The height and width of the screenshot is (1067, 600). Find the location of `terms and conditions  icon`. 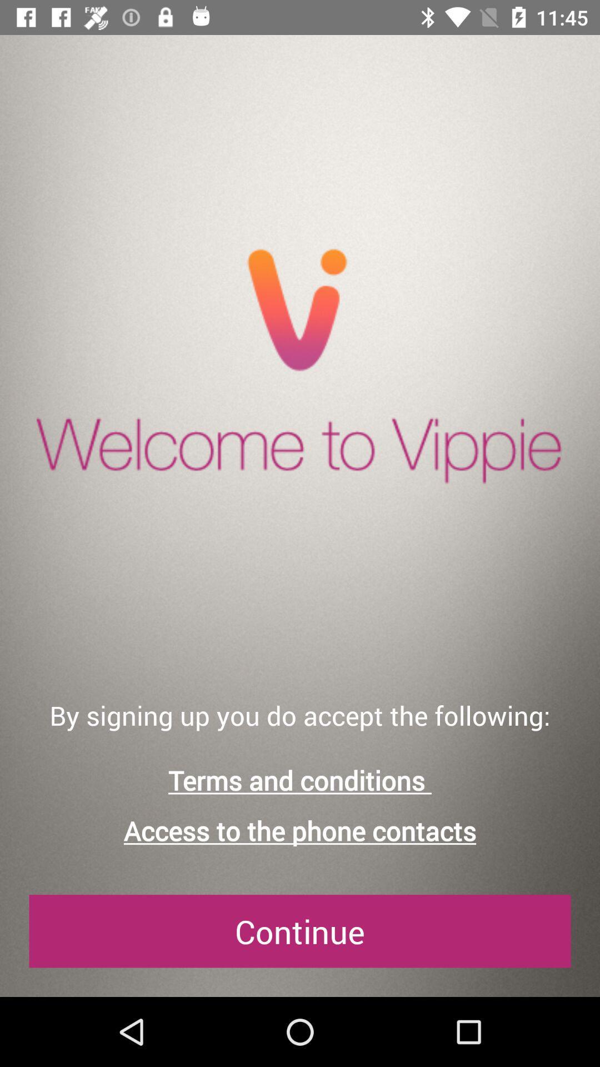

terms and conditions  icon is located at coordinates (300, 780).